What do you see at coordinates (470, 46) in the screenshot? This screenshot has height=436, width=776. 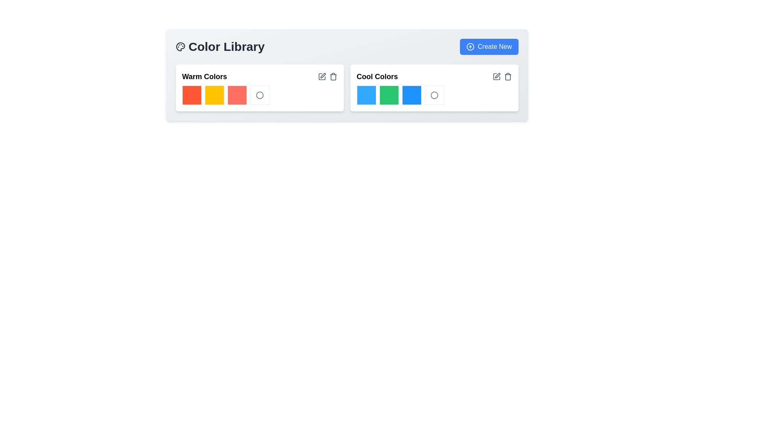 I see `the circular icon with a plus sign in the center, located to the left of the 'Create New' button in the upper right corner of the interface` at bounding box center [470, 46].